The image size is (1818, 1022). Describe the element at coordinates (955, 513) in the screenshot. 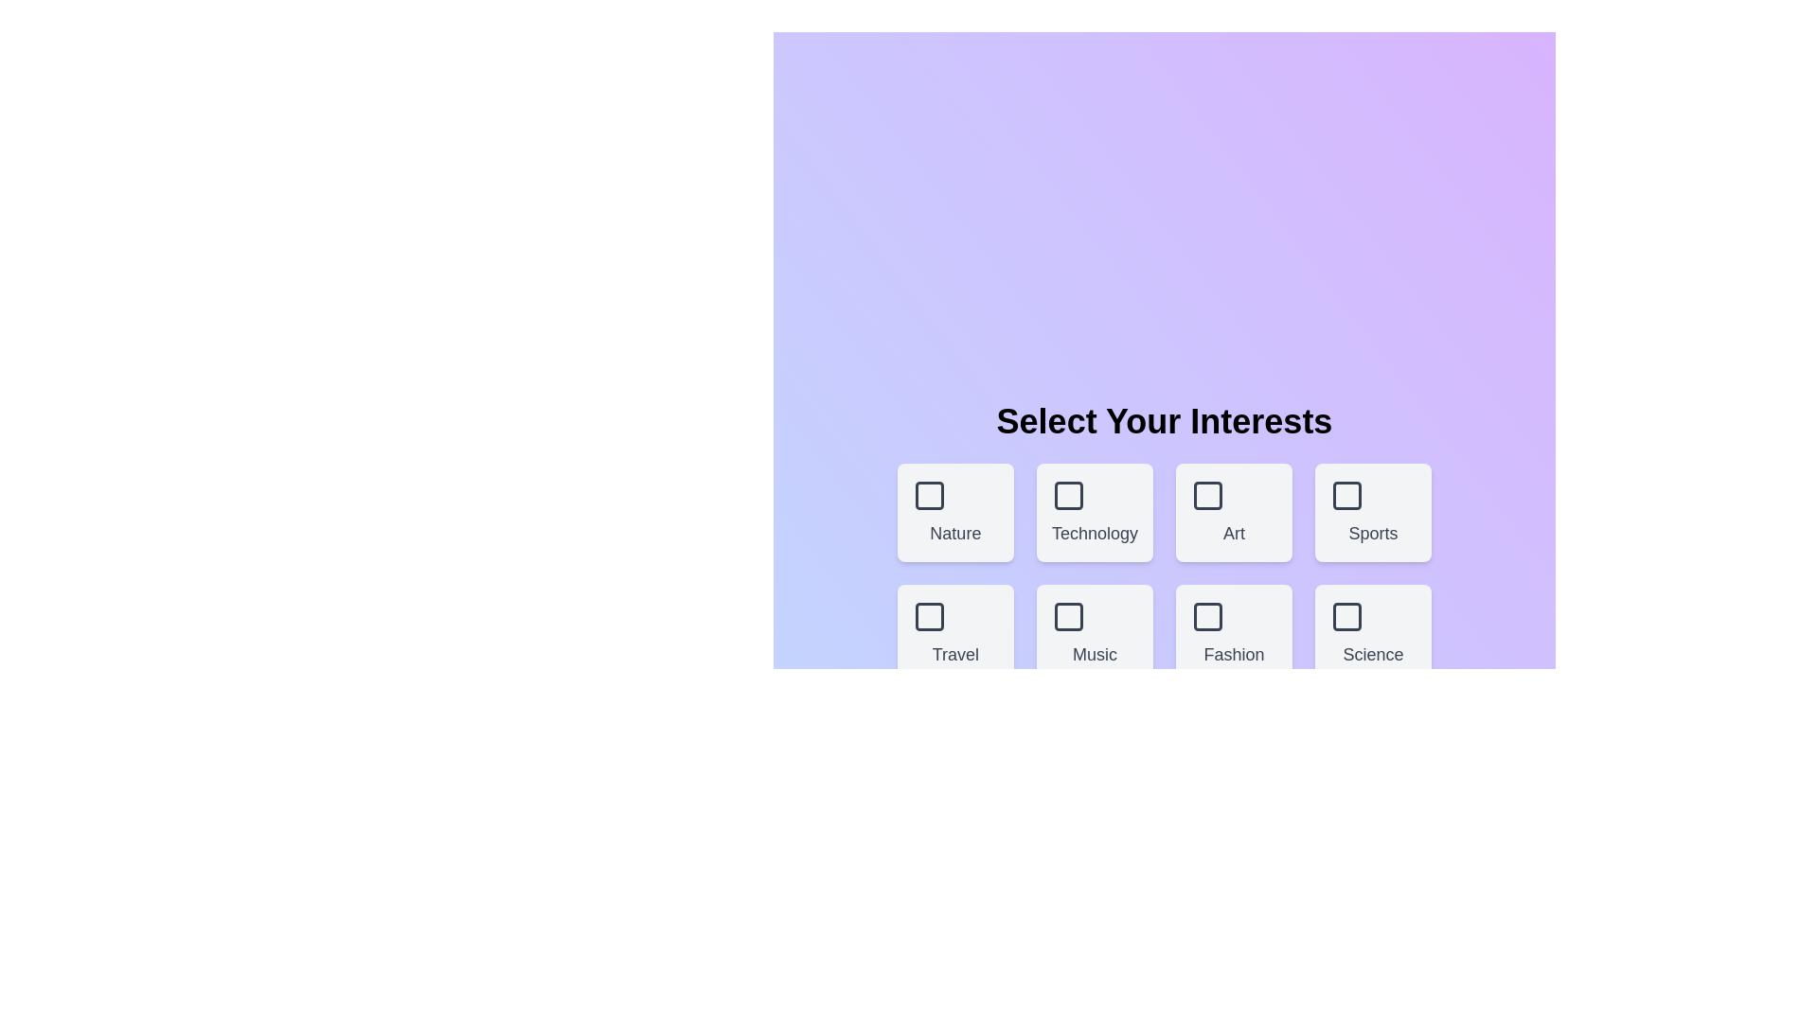

I see `the theme box labeled Nature` at that location.